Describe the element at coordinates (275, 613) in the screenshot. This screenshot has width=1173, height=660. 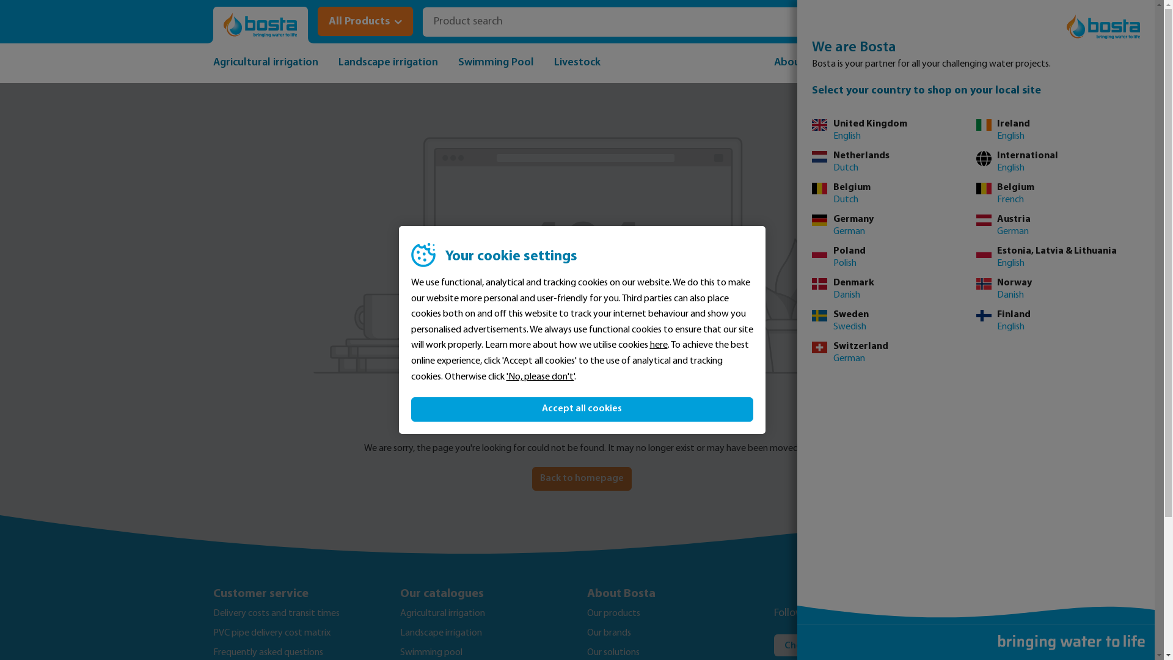
I see `'Delivery costs and transit times'` at that location.